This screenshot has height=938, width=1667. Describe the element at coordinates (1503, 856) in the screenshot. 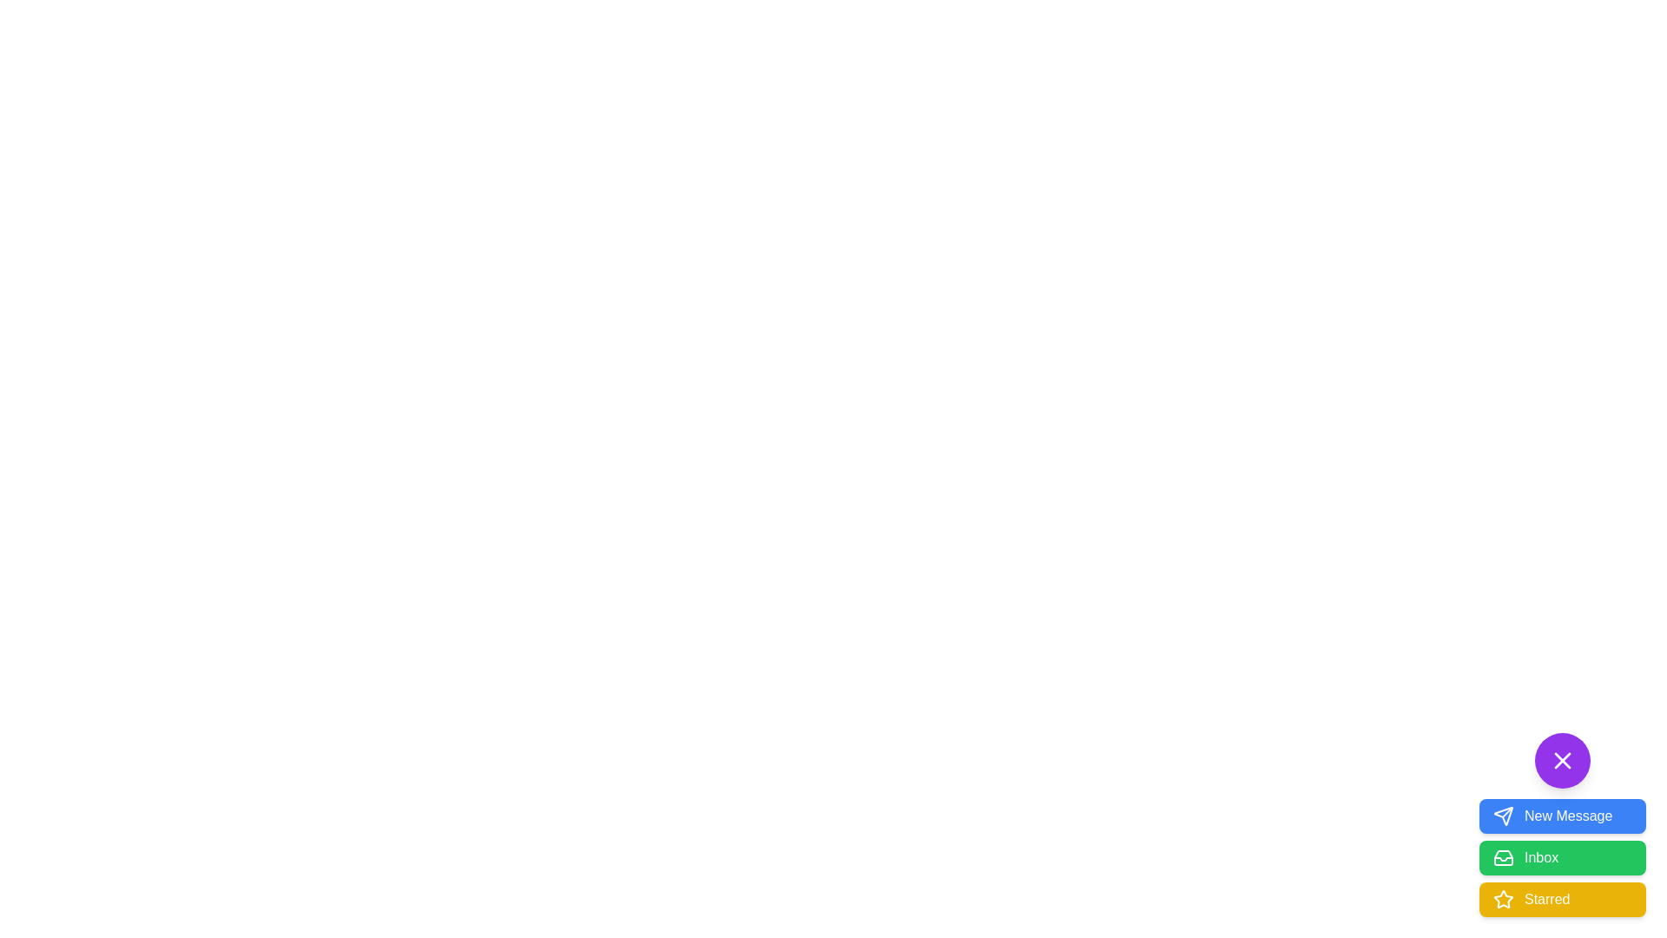

I see `the 'Inbox' icon` at that location.